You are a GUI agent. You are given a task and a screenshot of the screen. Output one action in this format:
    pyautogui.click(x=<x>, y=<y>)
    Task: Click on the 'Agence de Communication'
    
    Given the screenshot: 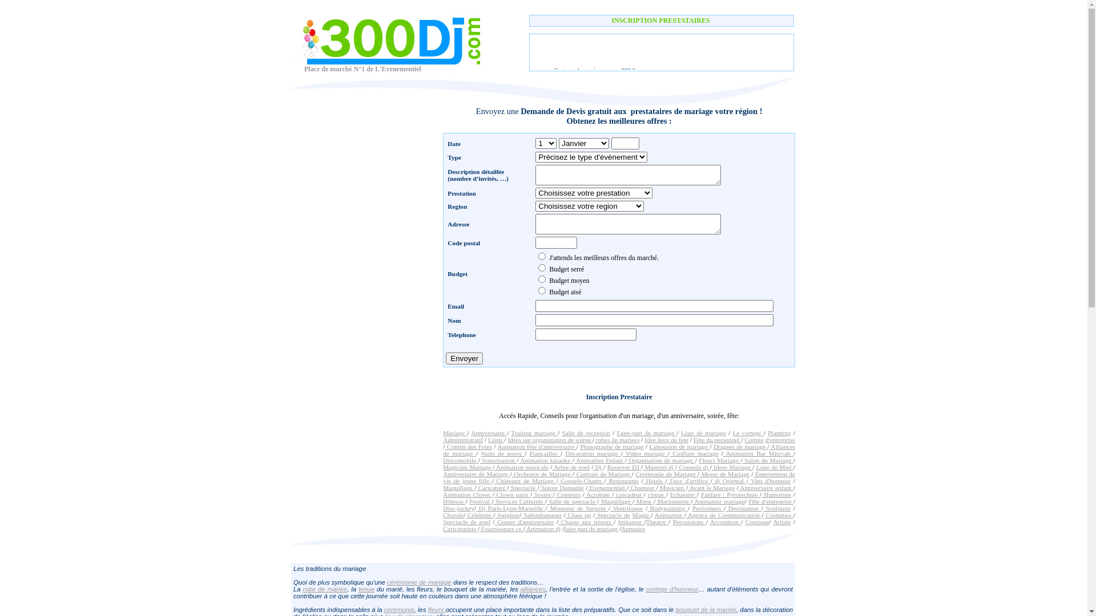 What is the action you would take?
    pyautogui.click(x=723, y=514)
    